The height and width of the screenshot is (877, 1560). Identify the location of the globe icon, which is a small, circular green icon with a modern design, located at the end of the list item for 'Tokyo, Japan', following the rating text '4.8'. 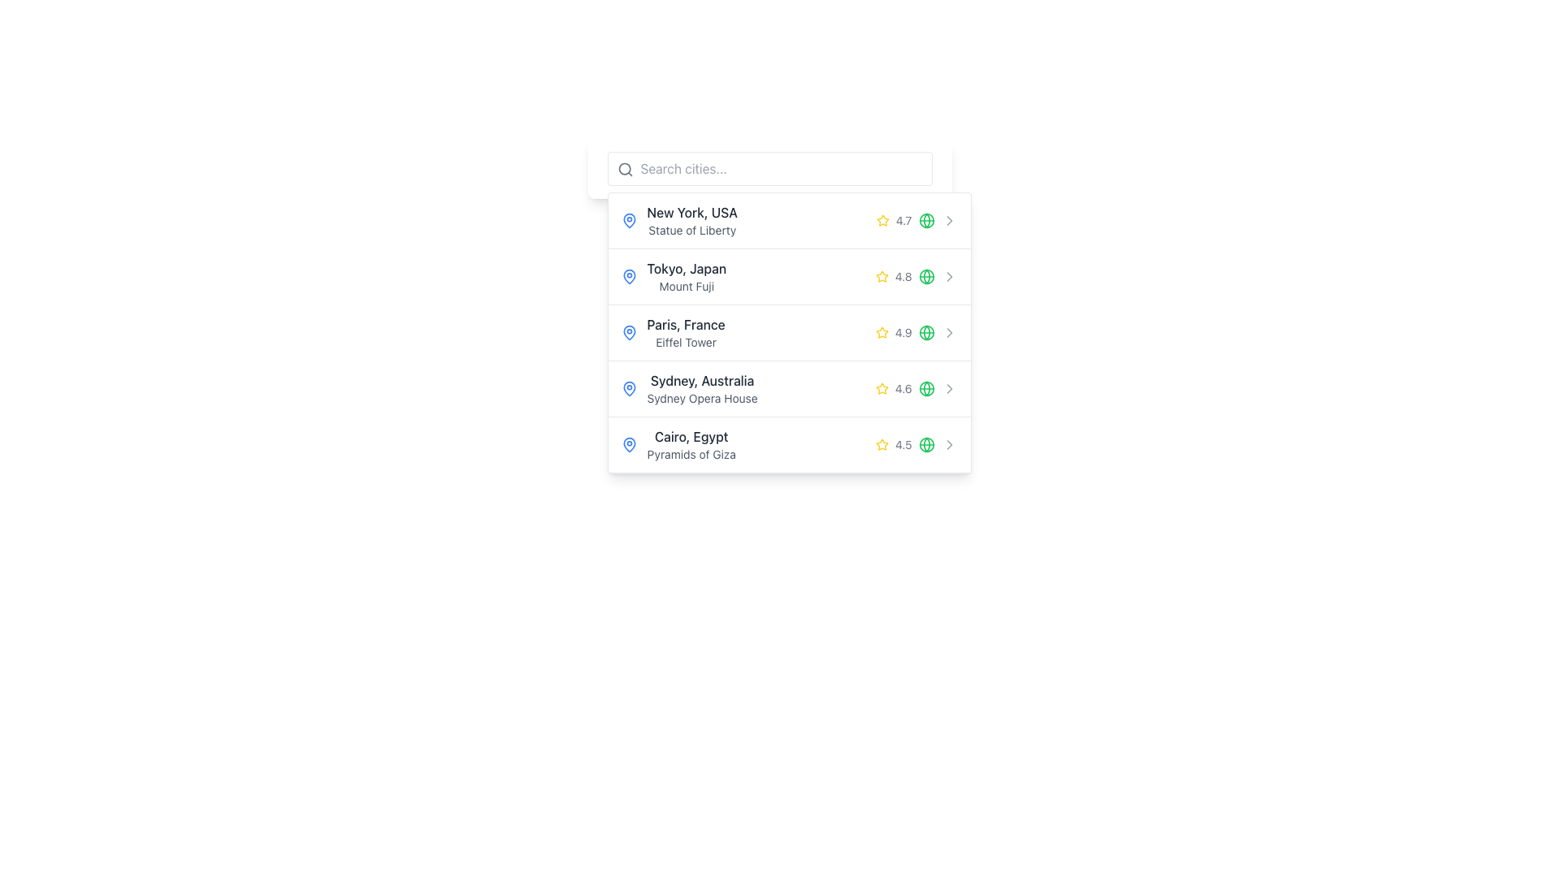
(926, 275).